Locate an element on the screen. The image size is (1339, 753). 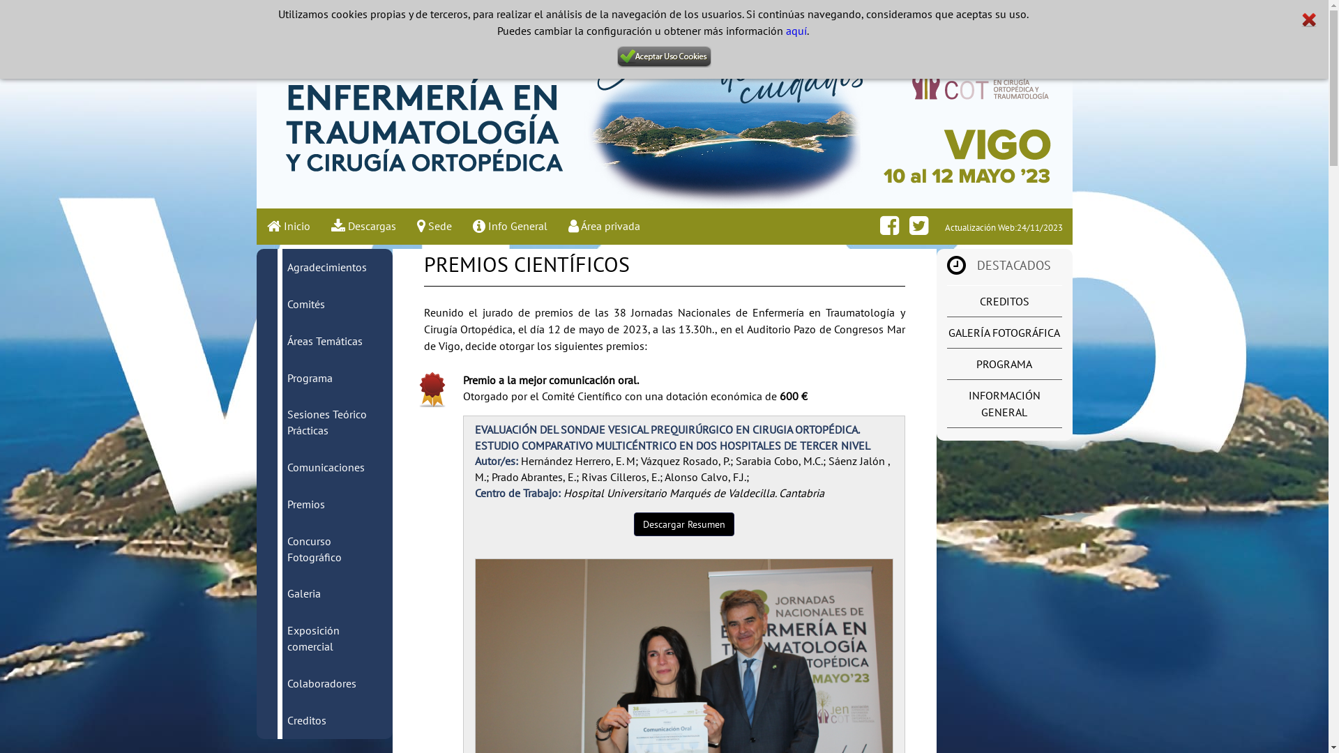
'Cerrar' is located at coordinates (1308, 20).